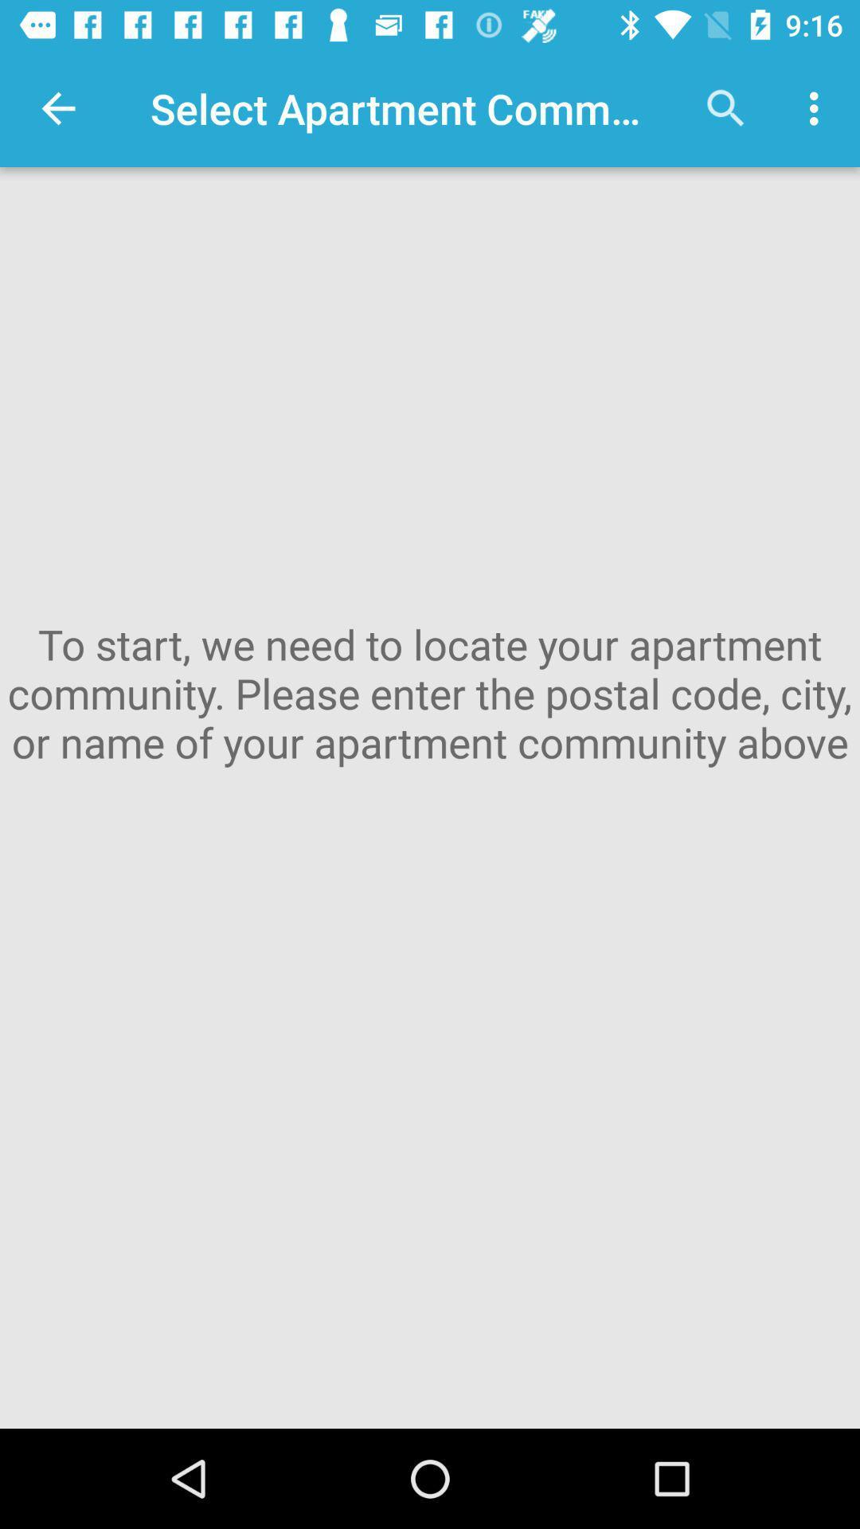 Image resolution: width=860 pixels, height=1529 pixels. What do you see at coordinates (57, 108) in the screenshot?
I see `icon next to select apartment community icon` at bounding box center [57, 108].